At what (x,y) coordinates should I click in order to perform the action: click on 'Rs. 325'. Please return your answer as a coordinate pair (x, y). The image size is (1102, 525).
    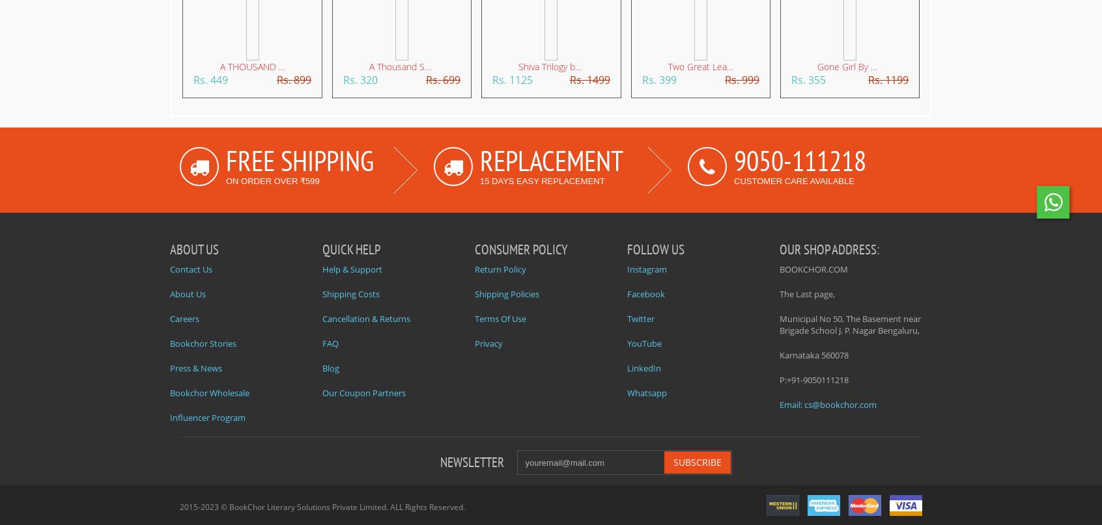
    Looking at the image, I should click on (144, 79).